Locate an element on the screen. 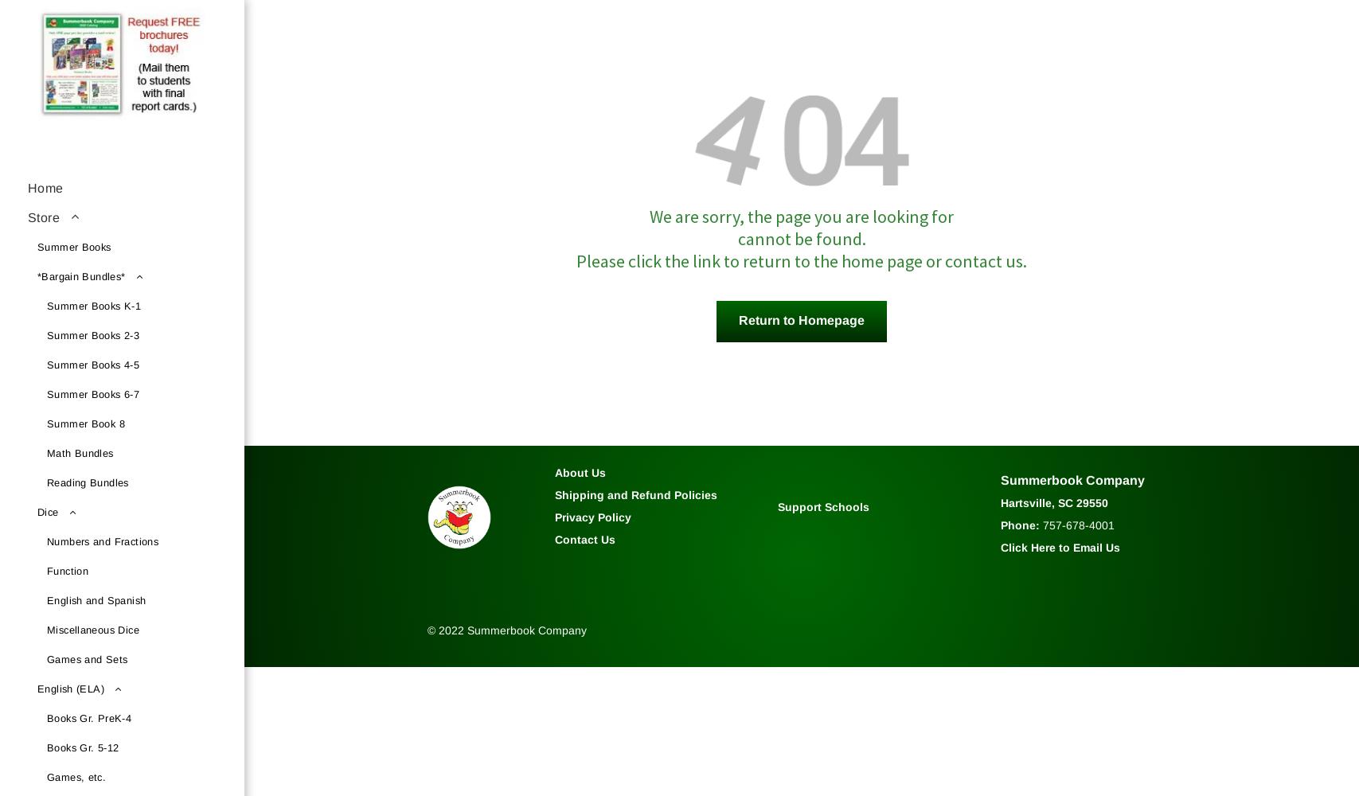 The image size is (1359, 796). 'Please click the link to return to the home page or contact us.' is located at coordinates (800, 259).